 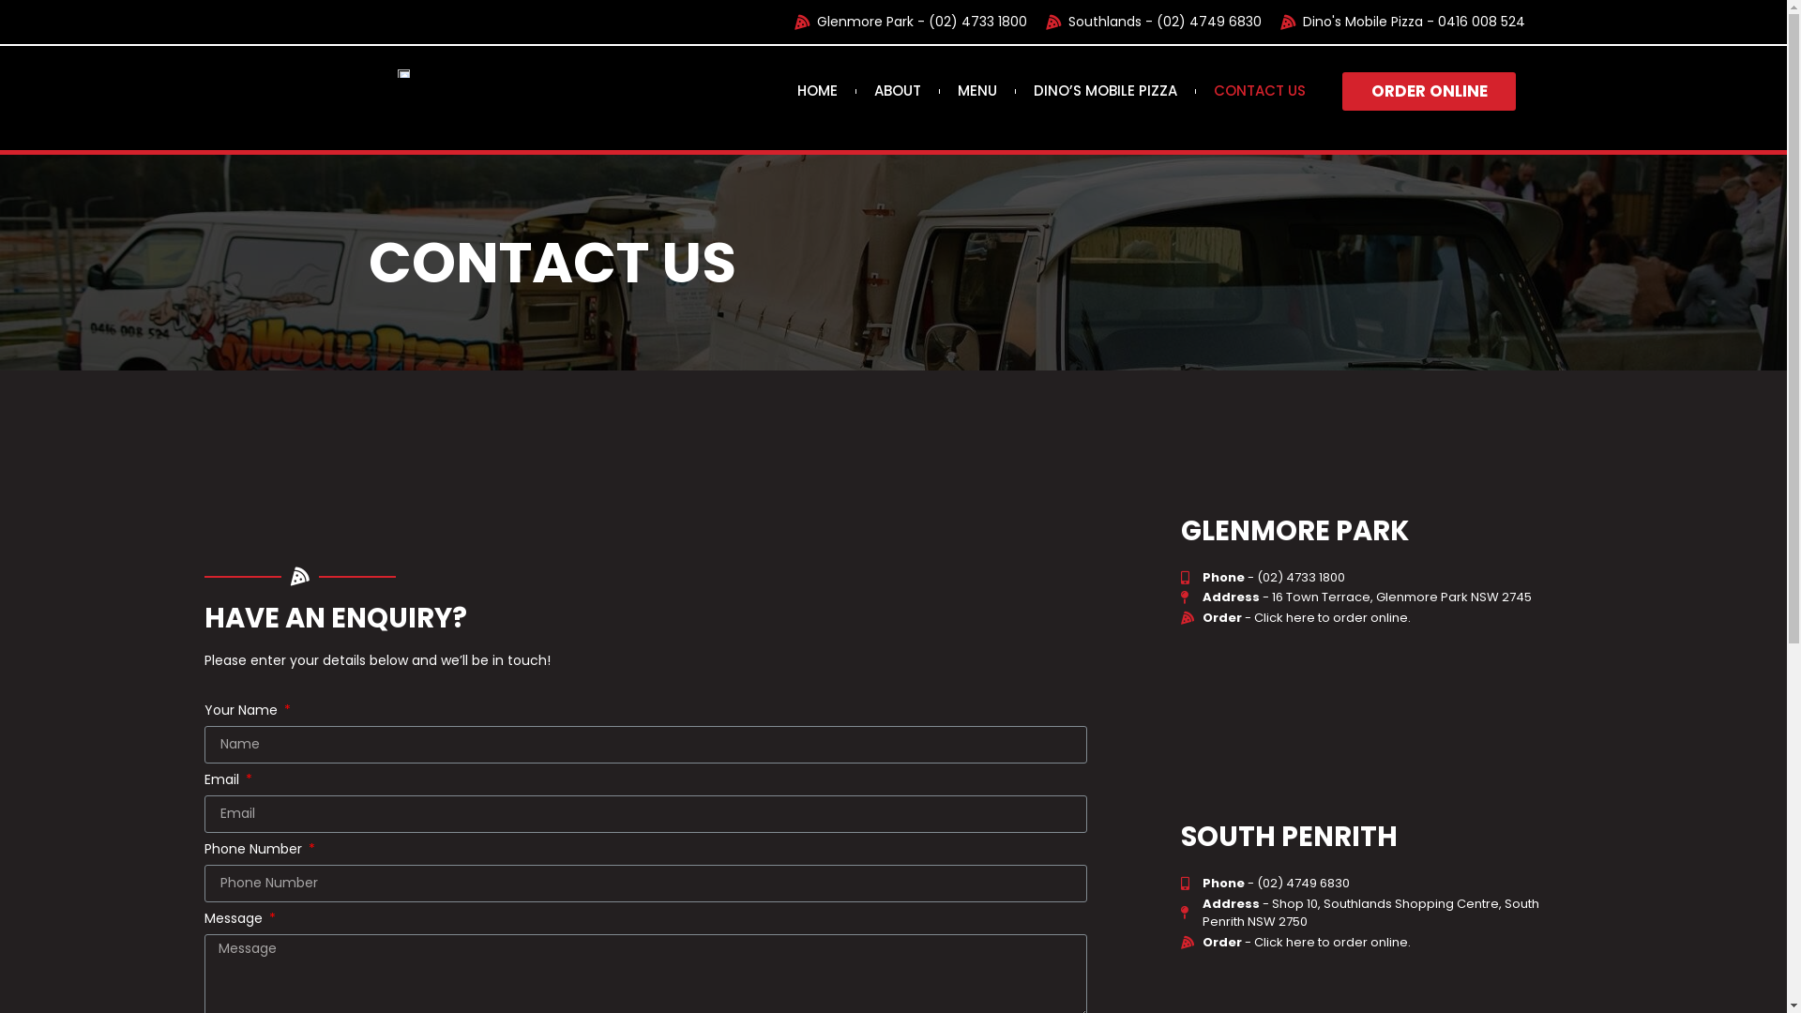 What do you see at coordinates (817, 90) in the screenshot?
I see `'HOME'` at bounding box center [817, 90].